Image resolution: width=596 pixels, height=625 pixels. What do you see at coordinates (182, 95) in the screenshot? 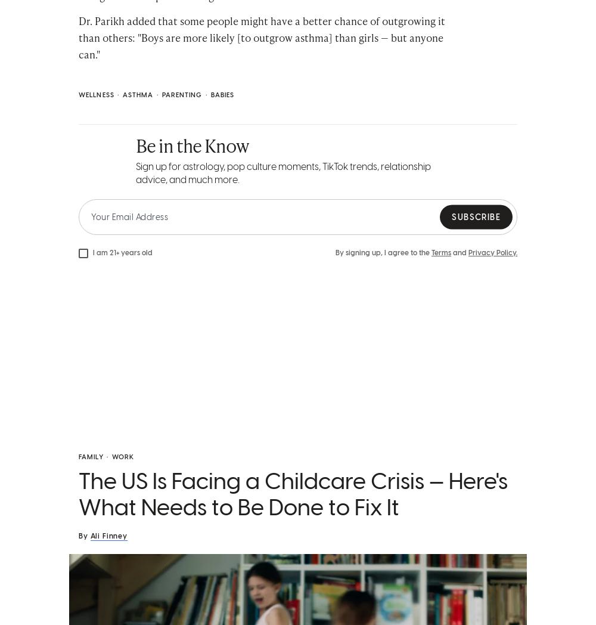
I see `'Parenting'` at bounding box center [182, 95].